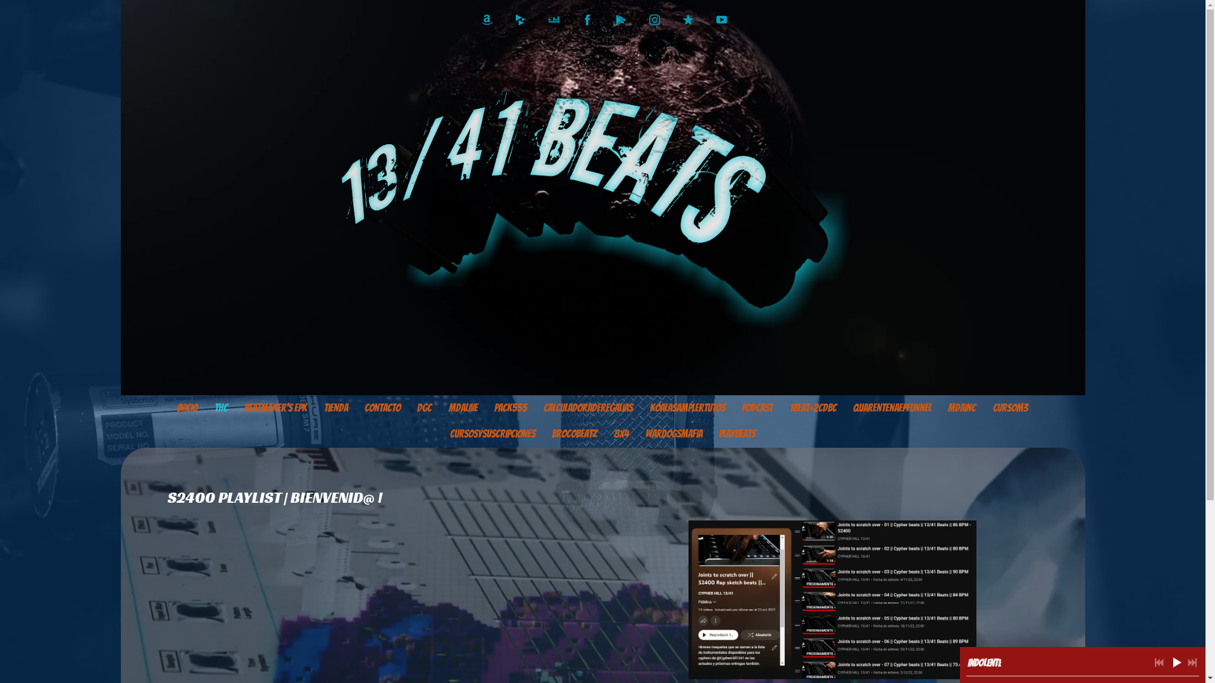 This screenshot has height=683, width=1215. Describe the element at coordinates (892, 408) in the screenshot. I see `'QuarentenaEPfunnel'` at that location.